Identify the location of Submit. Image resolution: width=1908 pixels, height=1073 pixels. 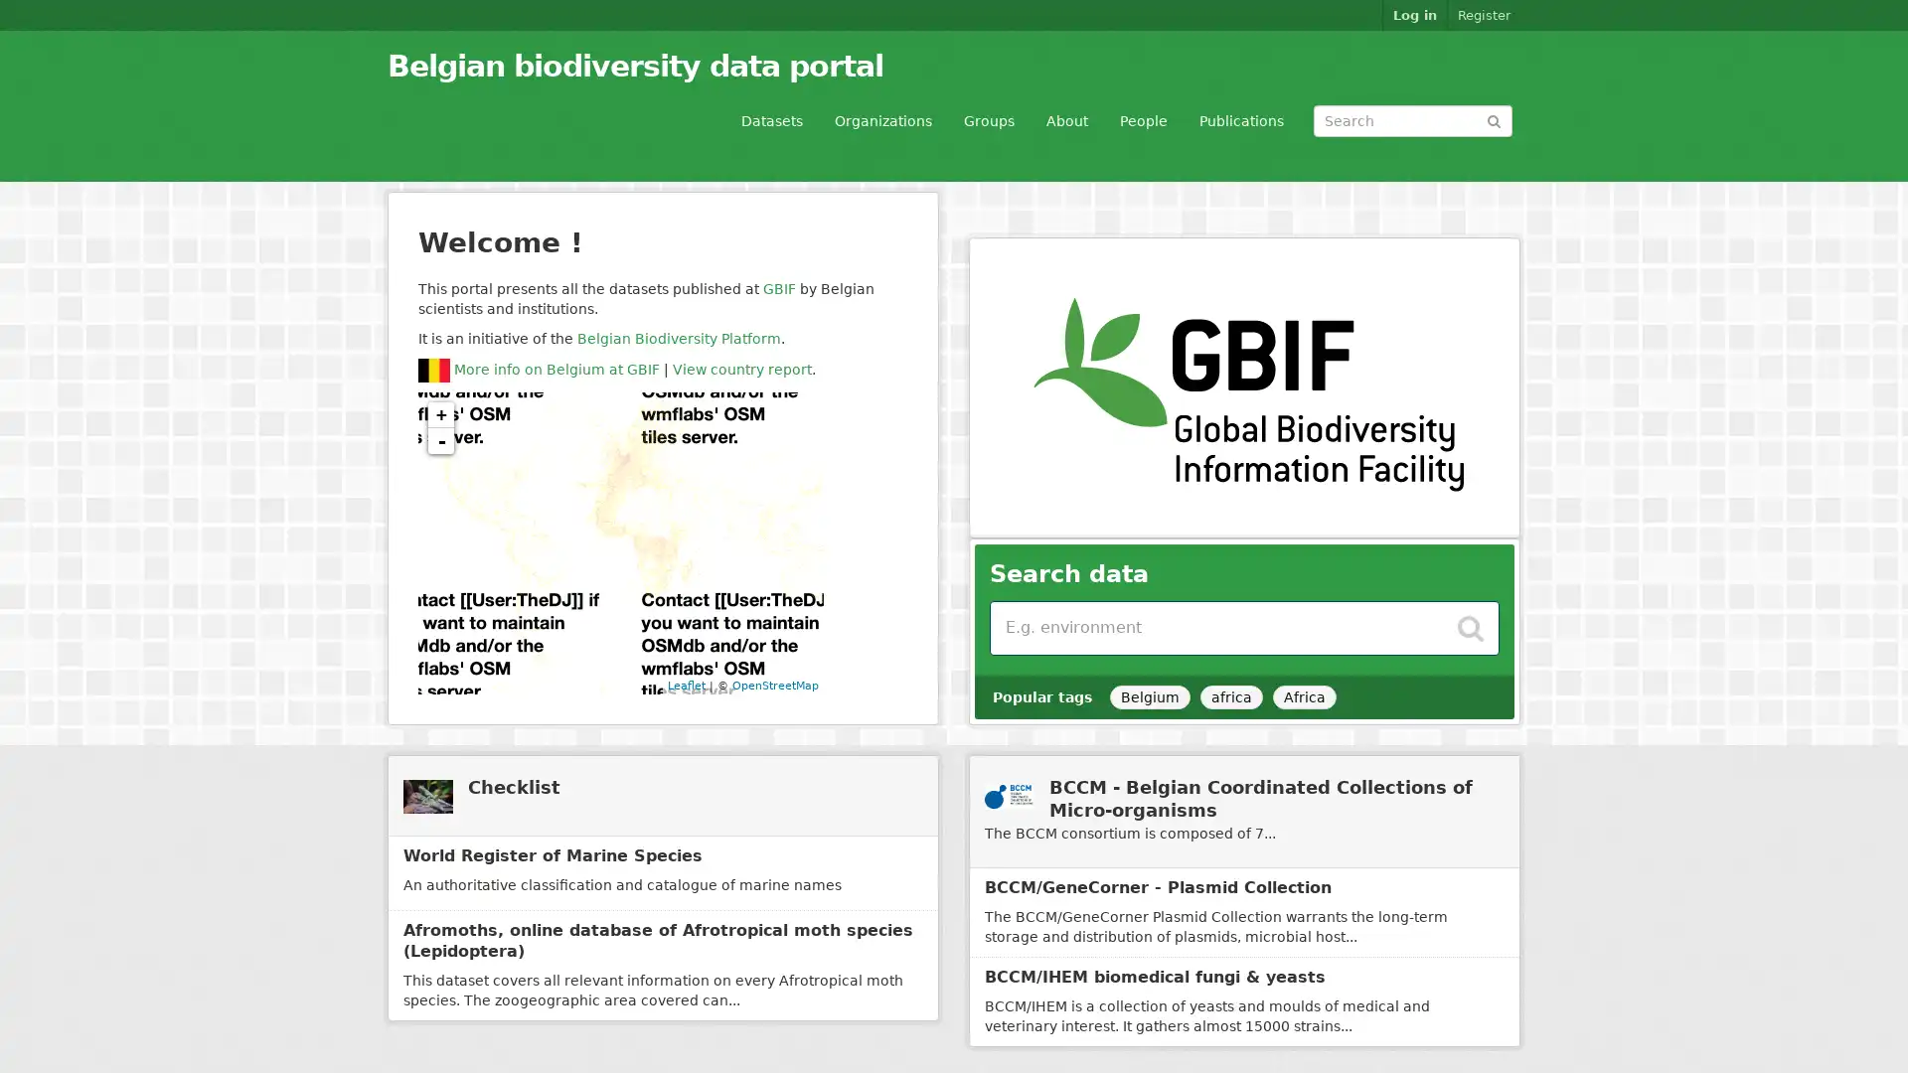
(1494, 119).